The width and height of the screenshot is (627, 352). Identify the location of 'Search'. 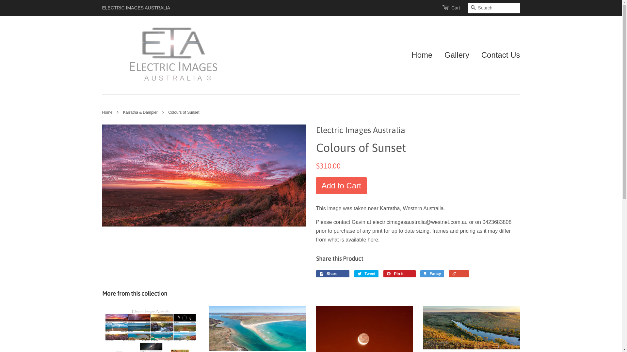
(467, 8).